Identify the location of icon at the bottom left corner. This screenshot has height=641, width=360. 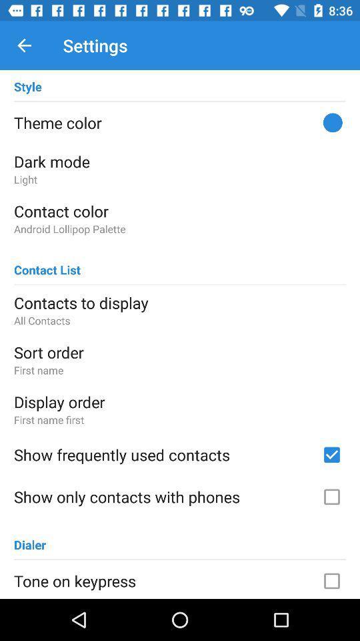
(29, 539).